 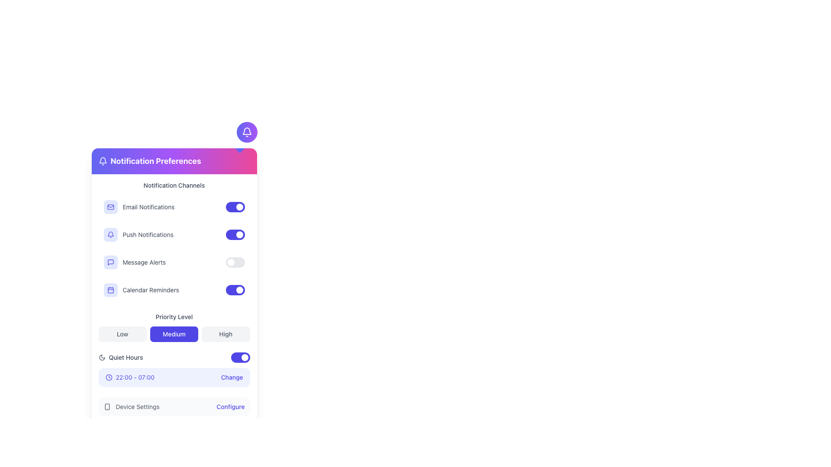 What do you see at coordinates (244, 357) in the screenshot?
I see `the toggle knob located at the bottom of the interface within the 'Quiet Hours' toggle switch` at bounding box center [244, 357].